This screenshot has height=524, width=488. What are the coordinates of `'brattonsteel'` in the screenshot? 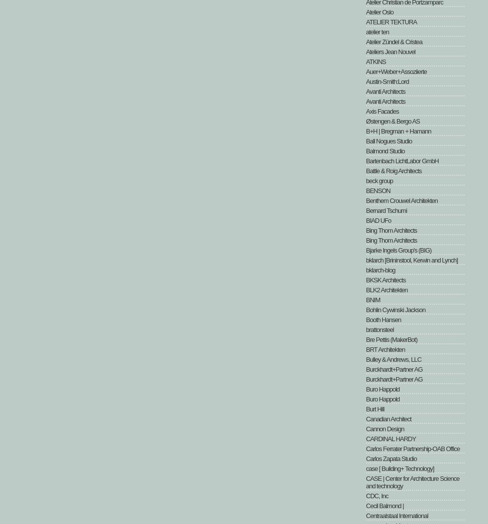 It's located at (379, 329).